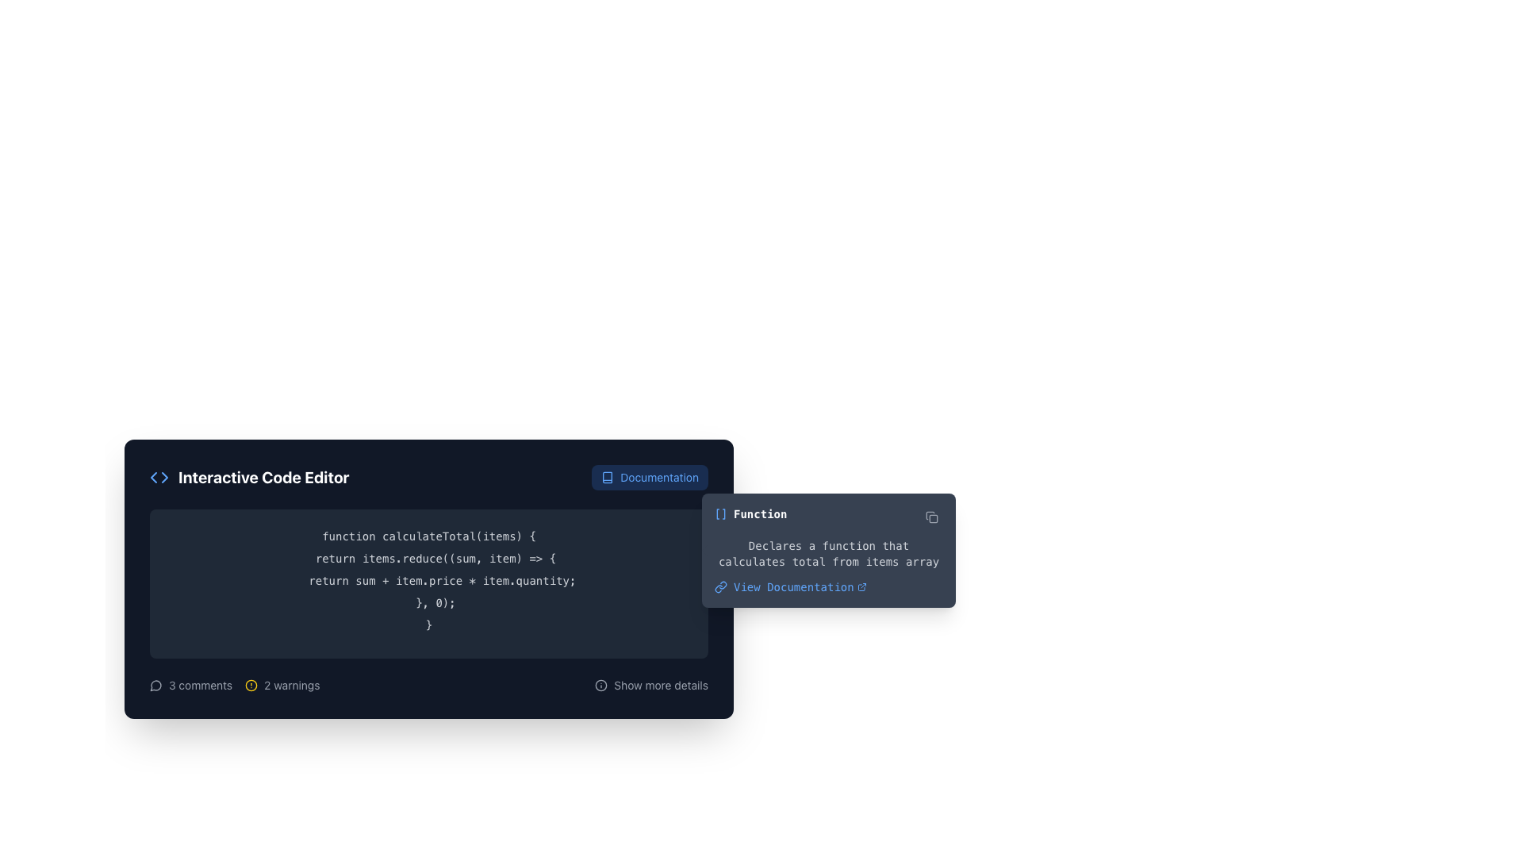 This screenshot has height=857, width=1523. What do you see at coordinates (429, 602) in the screenshot?
I see `the text element displaying '}, 0);' in the code editor, styled in light gray and positioned towards the bottom of the code block` at bounding box center [429, 602].